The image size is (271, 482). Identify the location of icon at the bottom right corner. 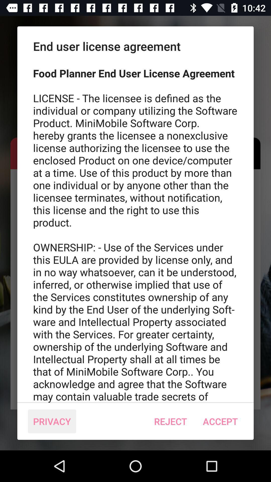
(220, 421).